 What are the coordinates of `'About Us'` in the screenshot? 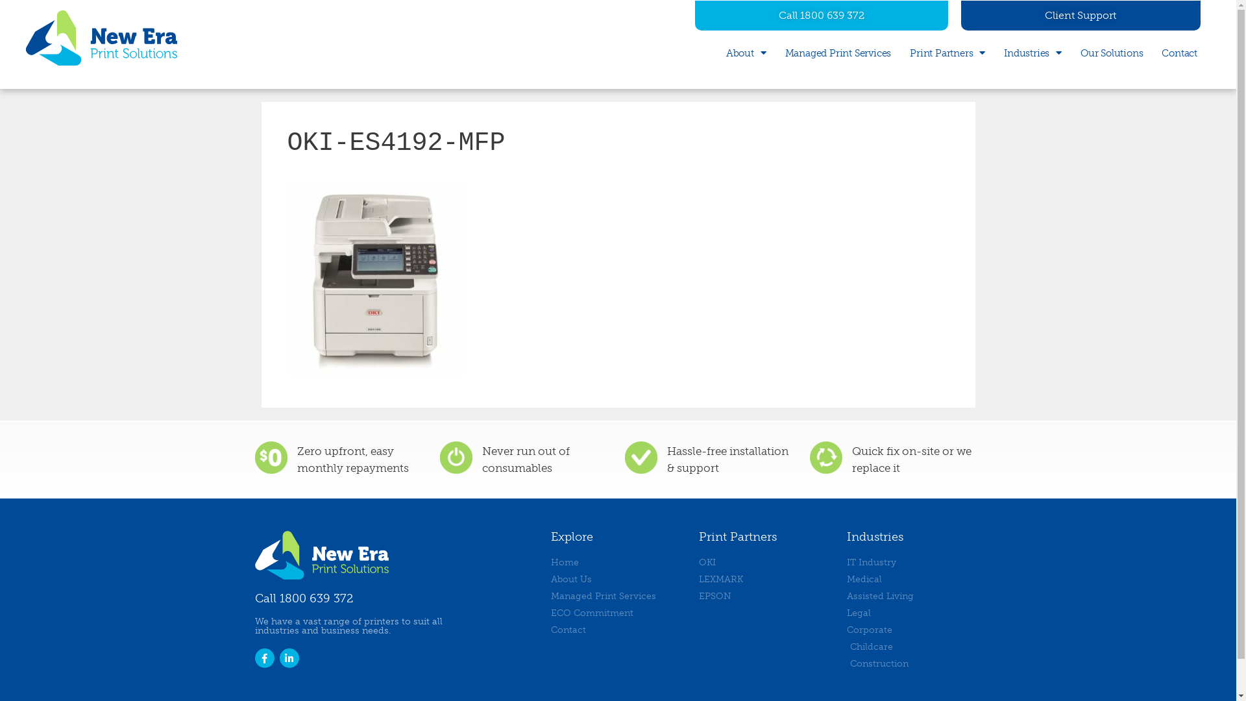 It's located at (617, 578).